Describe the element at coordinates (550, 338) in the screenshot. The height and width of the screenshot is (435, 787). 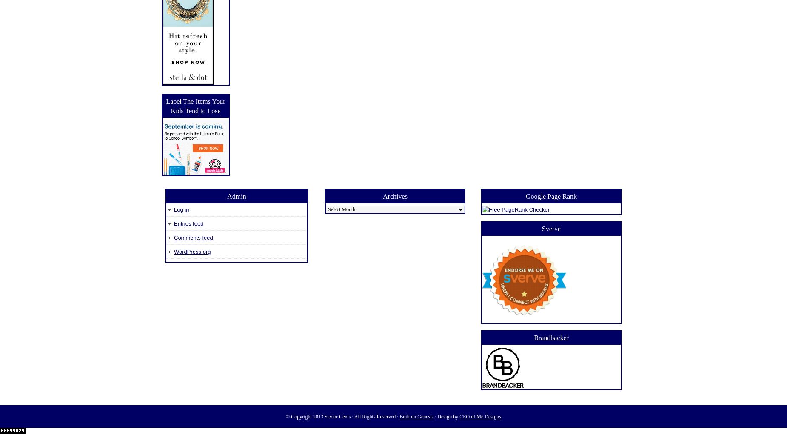
I see `'Brandbacker'` at that location.